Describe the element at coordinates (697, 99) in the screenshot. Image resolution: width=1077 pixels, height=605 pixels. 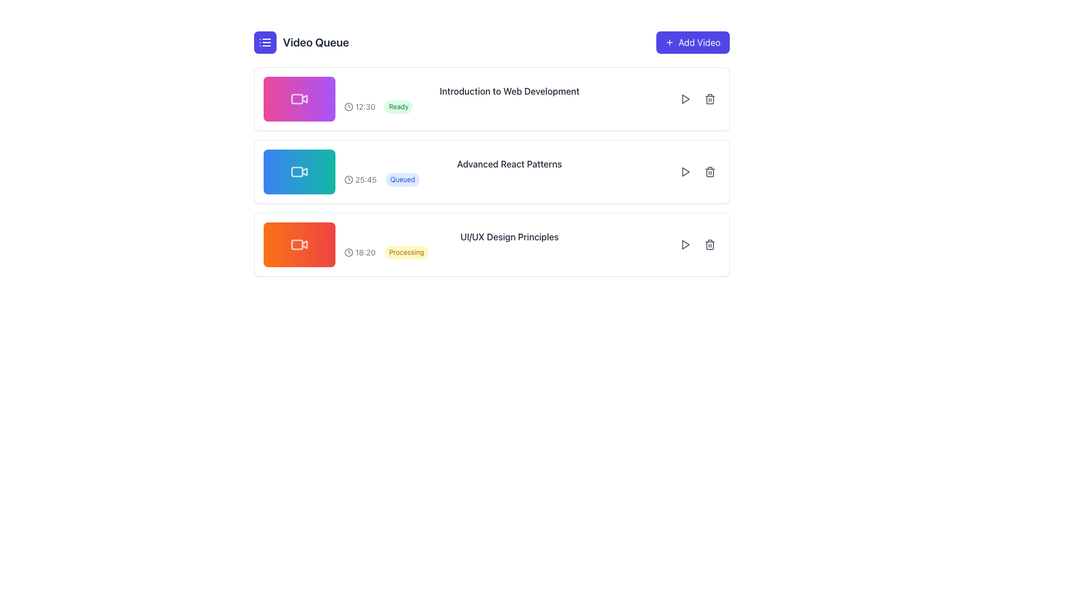
I see `the interactive controls group icons for the video 'Introduction to Web Development'` at that location.